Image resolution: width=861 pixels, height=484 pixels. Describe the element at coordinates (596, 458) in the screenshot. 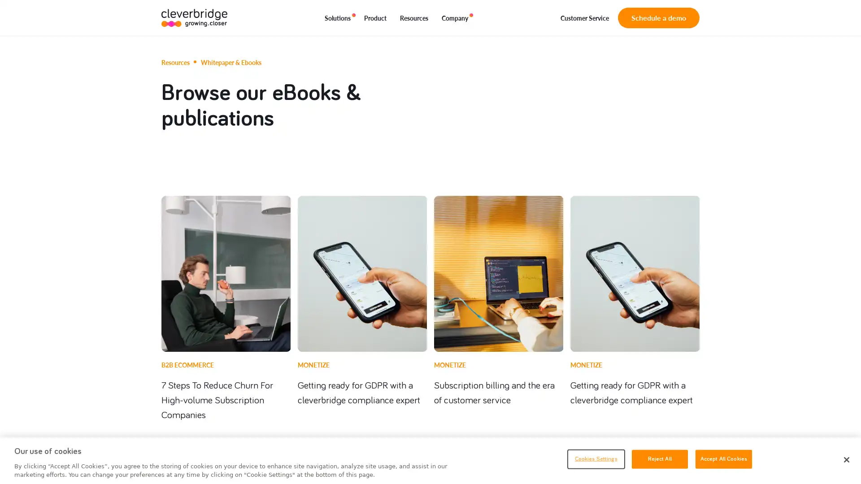

I see `Cookies Settings` at that location.